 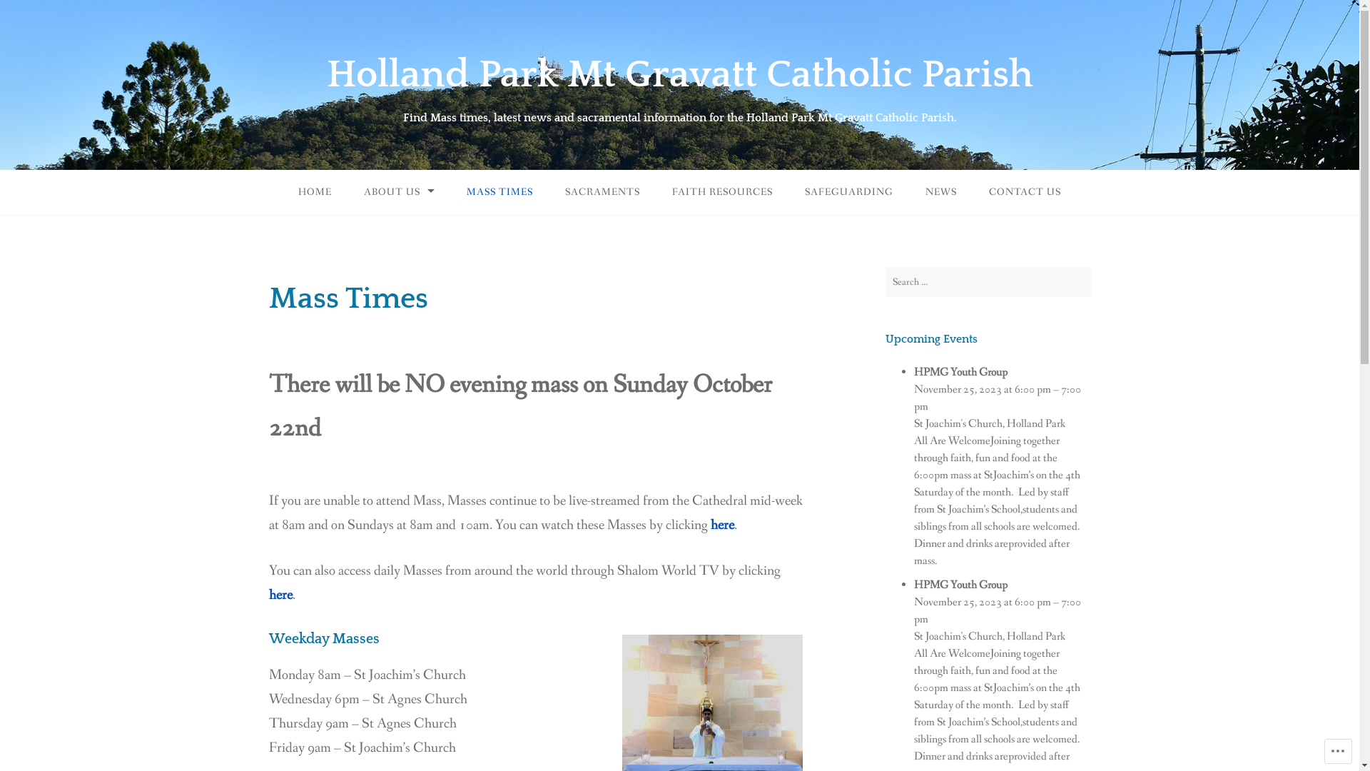 I want to click on 'FAITH RESOURCES', so click(x=656, y=191).